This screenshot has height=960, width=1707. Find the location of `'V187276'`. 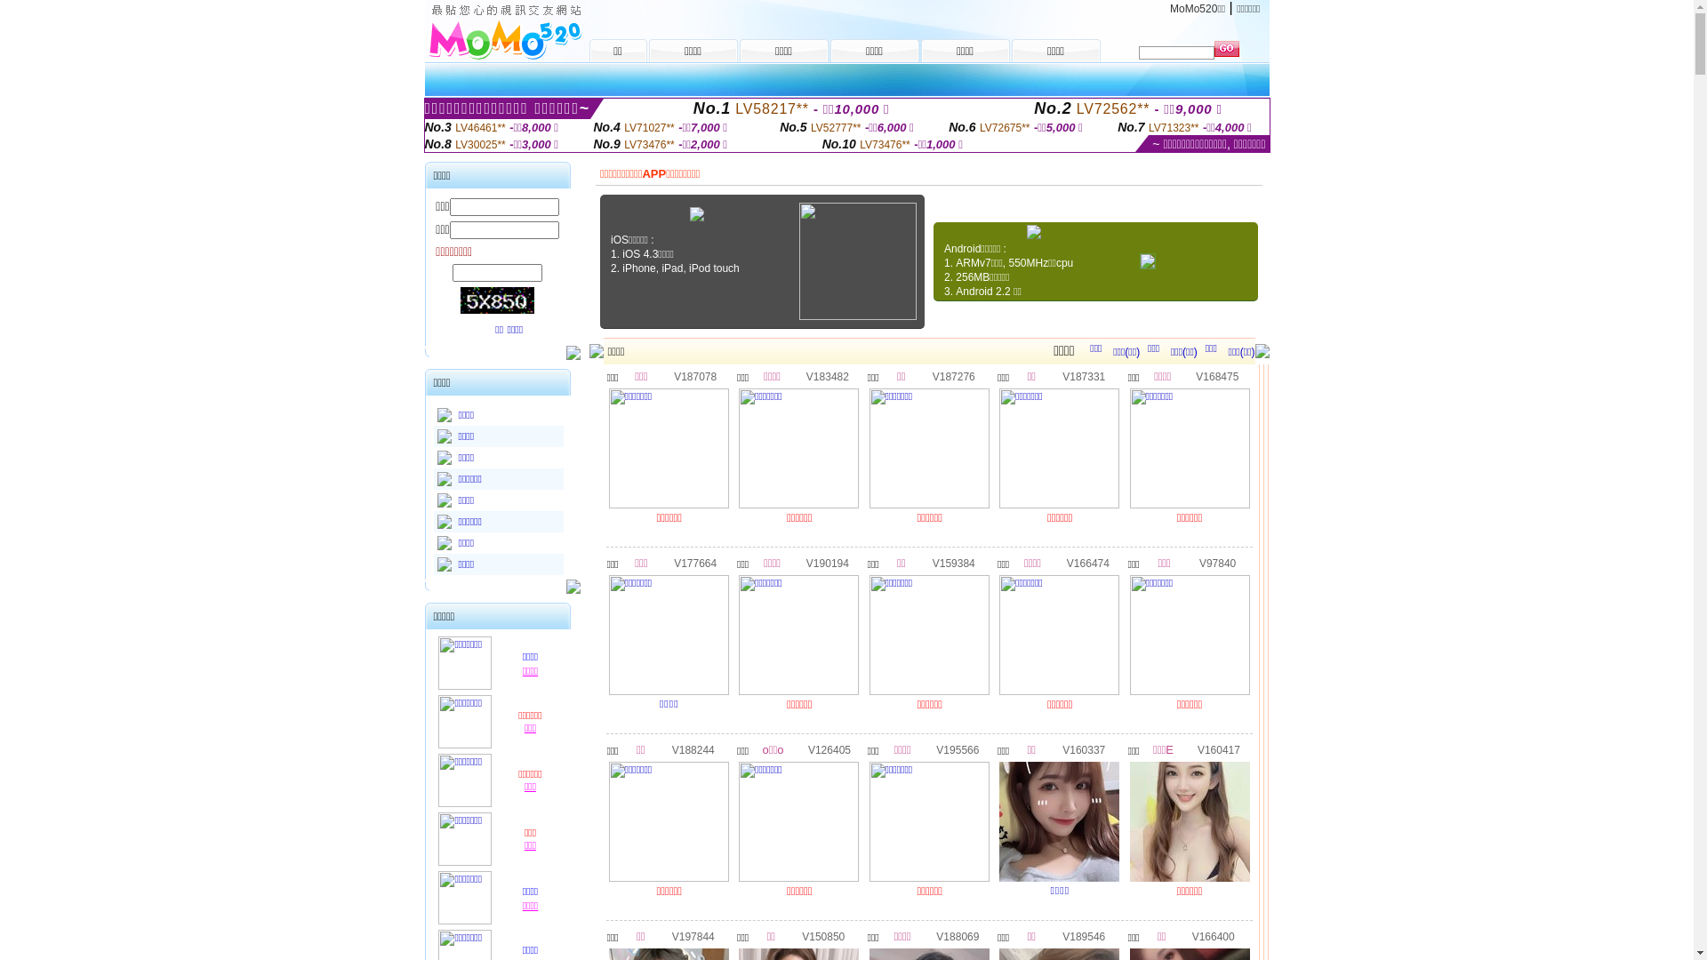

'V187276' is located at coordinates (953, 375).